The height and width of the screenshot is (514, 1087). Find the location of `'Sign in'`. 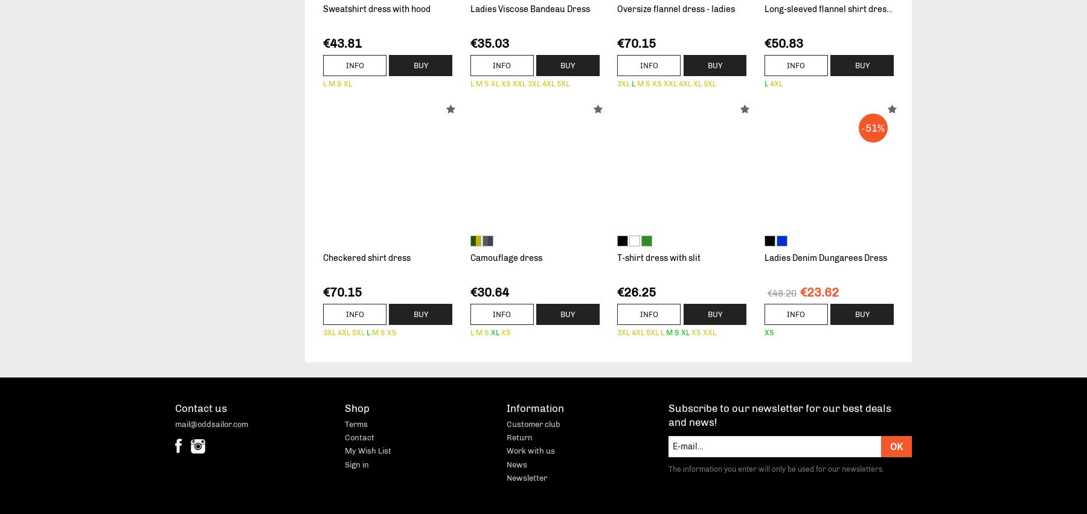

'Sign in' is located at coordinates (356, 464).